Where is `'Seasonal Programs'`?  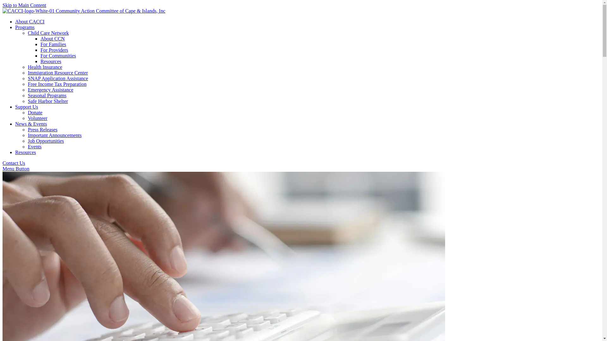
'Seasonal Programs' is located at coordinates (46, 95).